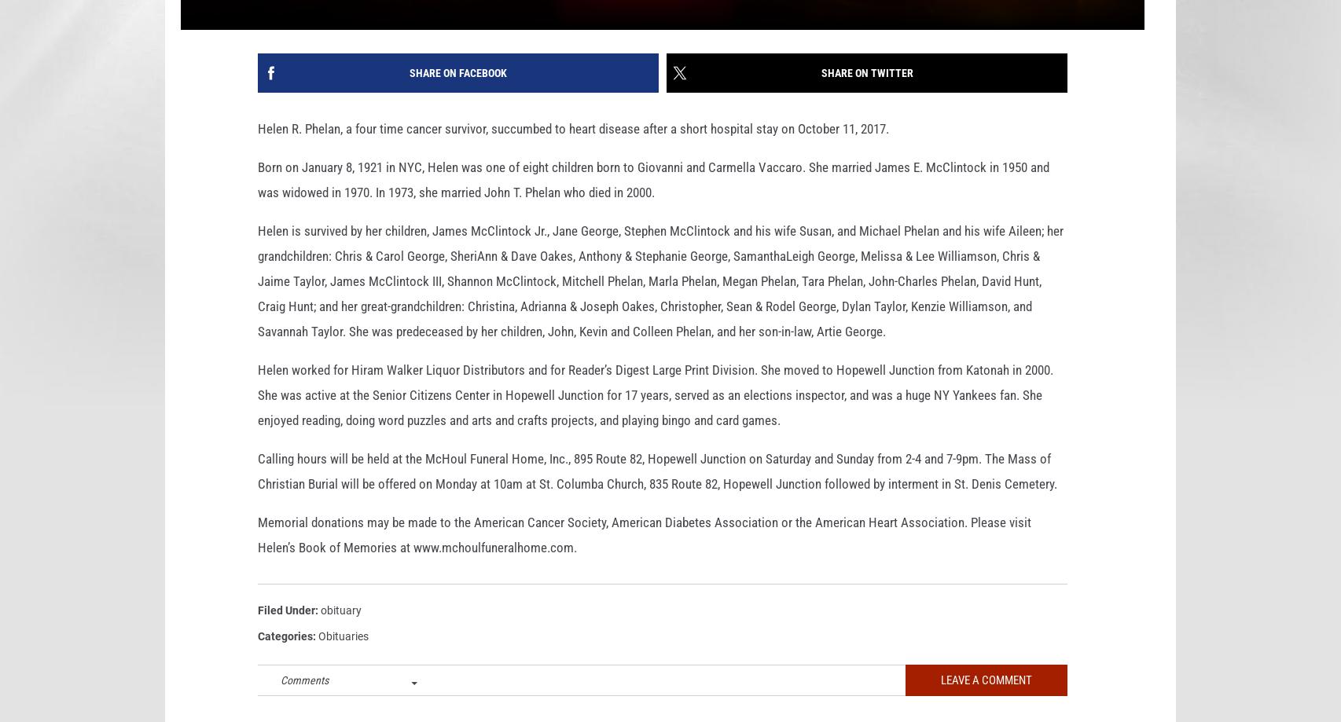 The width and height of the screenshot is (1341, 722). Describe the element at coordinates (285, 660) in the screenshot. I see `'Categories'` at that location.